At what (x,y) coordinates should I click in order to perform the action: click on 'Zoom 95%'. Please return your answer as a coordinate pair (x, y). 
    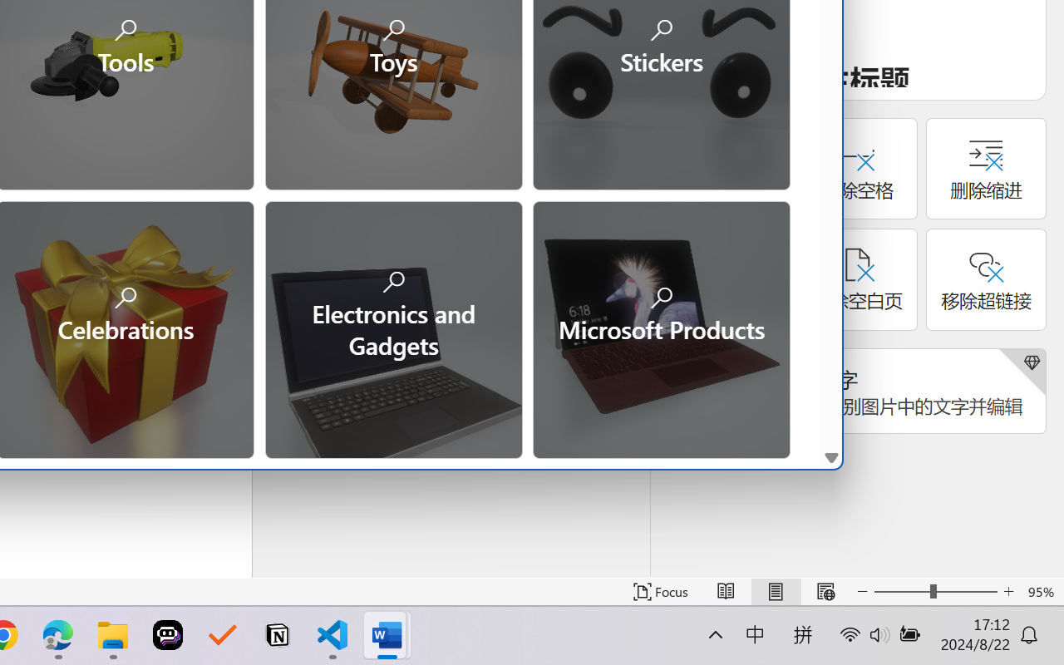
    Looking at the image, I should click on (1041, 591).